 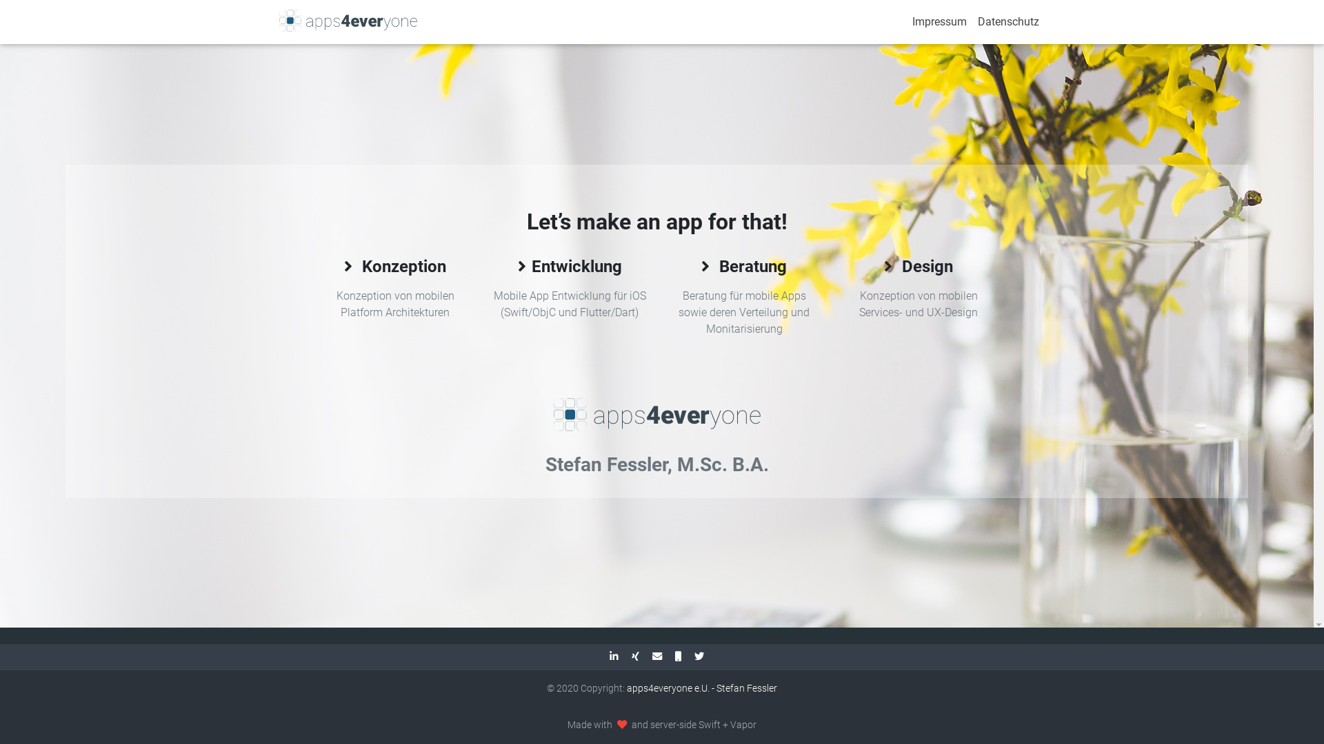 What do you see at coordinates (701, 688) in the screenshot?
I see `'apps4everyone e.U. - Stefan Fessler'` at bounding box center [701, 688].